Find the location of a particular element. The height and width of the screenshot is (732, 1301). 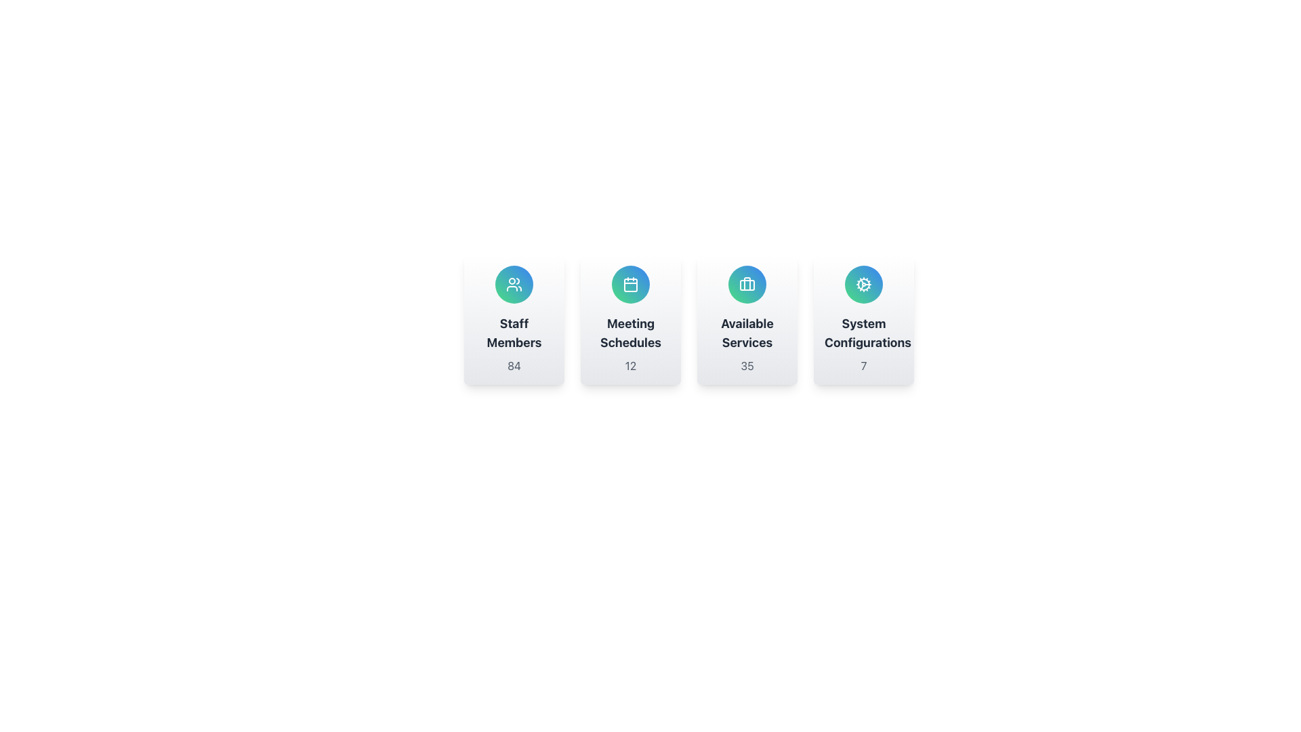

the Information Card displaying the count '12' for Meeting Schedules, which is the second card in a row of four cards is located at coordinates (630, 319).